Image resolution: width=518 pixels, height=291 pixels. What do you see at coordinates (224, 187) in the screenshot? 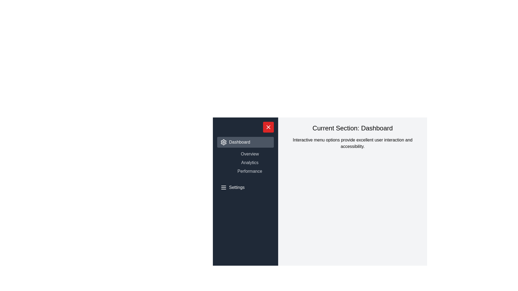
I see `the menu icon represented by three horizontal lines located next to the 'Settings' text in the vertical navigation menu` at bounding box center [224, 187].